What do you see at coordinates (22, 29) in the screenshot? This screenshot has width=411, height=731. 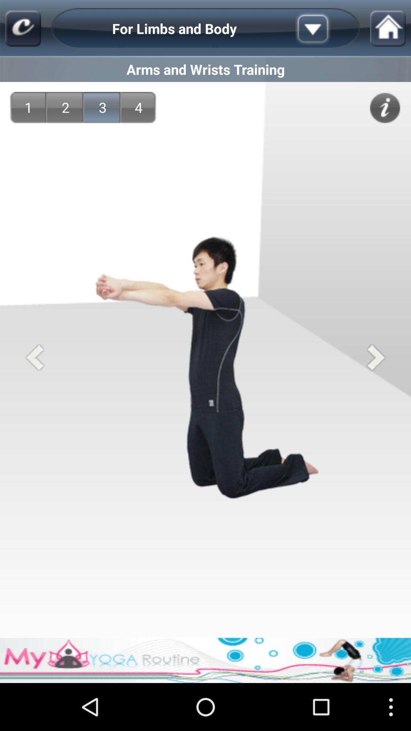 I see `website` at bounding box center [22, 29].